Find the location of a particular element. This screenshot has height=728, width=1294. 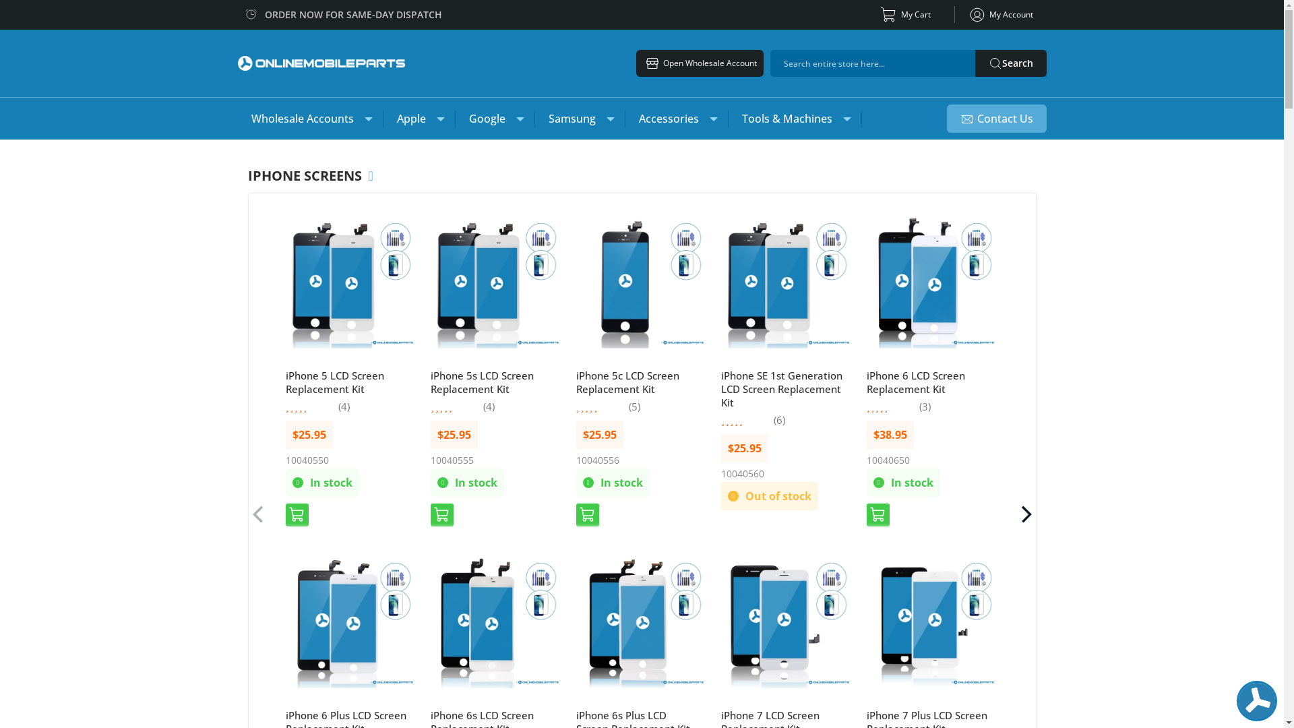

'iPhone 6 LCD Screen Replacement Kit' is located at coordinates (915, 382).